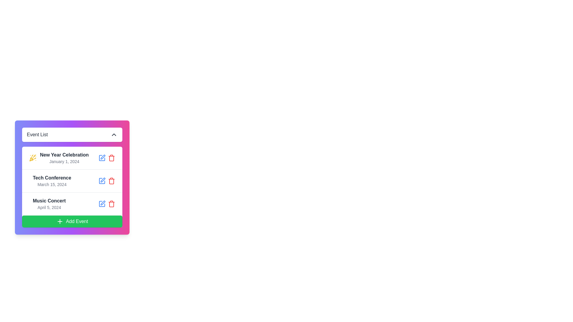 This screenshot has height=322, width=573. I want to click on the delete button located at the far-right of the 'Tech Conference, March 15, 2024' row, so click(112, 180).